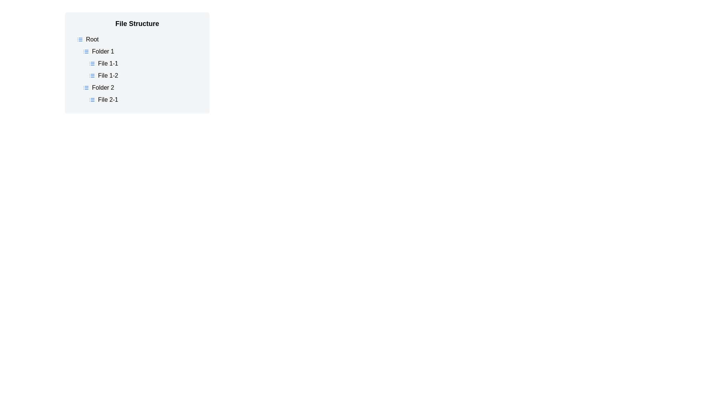 This screenshot has height=407, width=724. Describe the element at coordinates (92, 99) in the screenshot. I see `the icon that indicates the 'File 2-1' entry in the file structure, which is located to the left of the text 'File 2-1' and below 'Folder 2'` at that location.